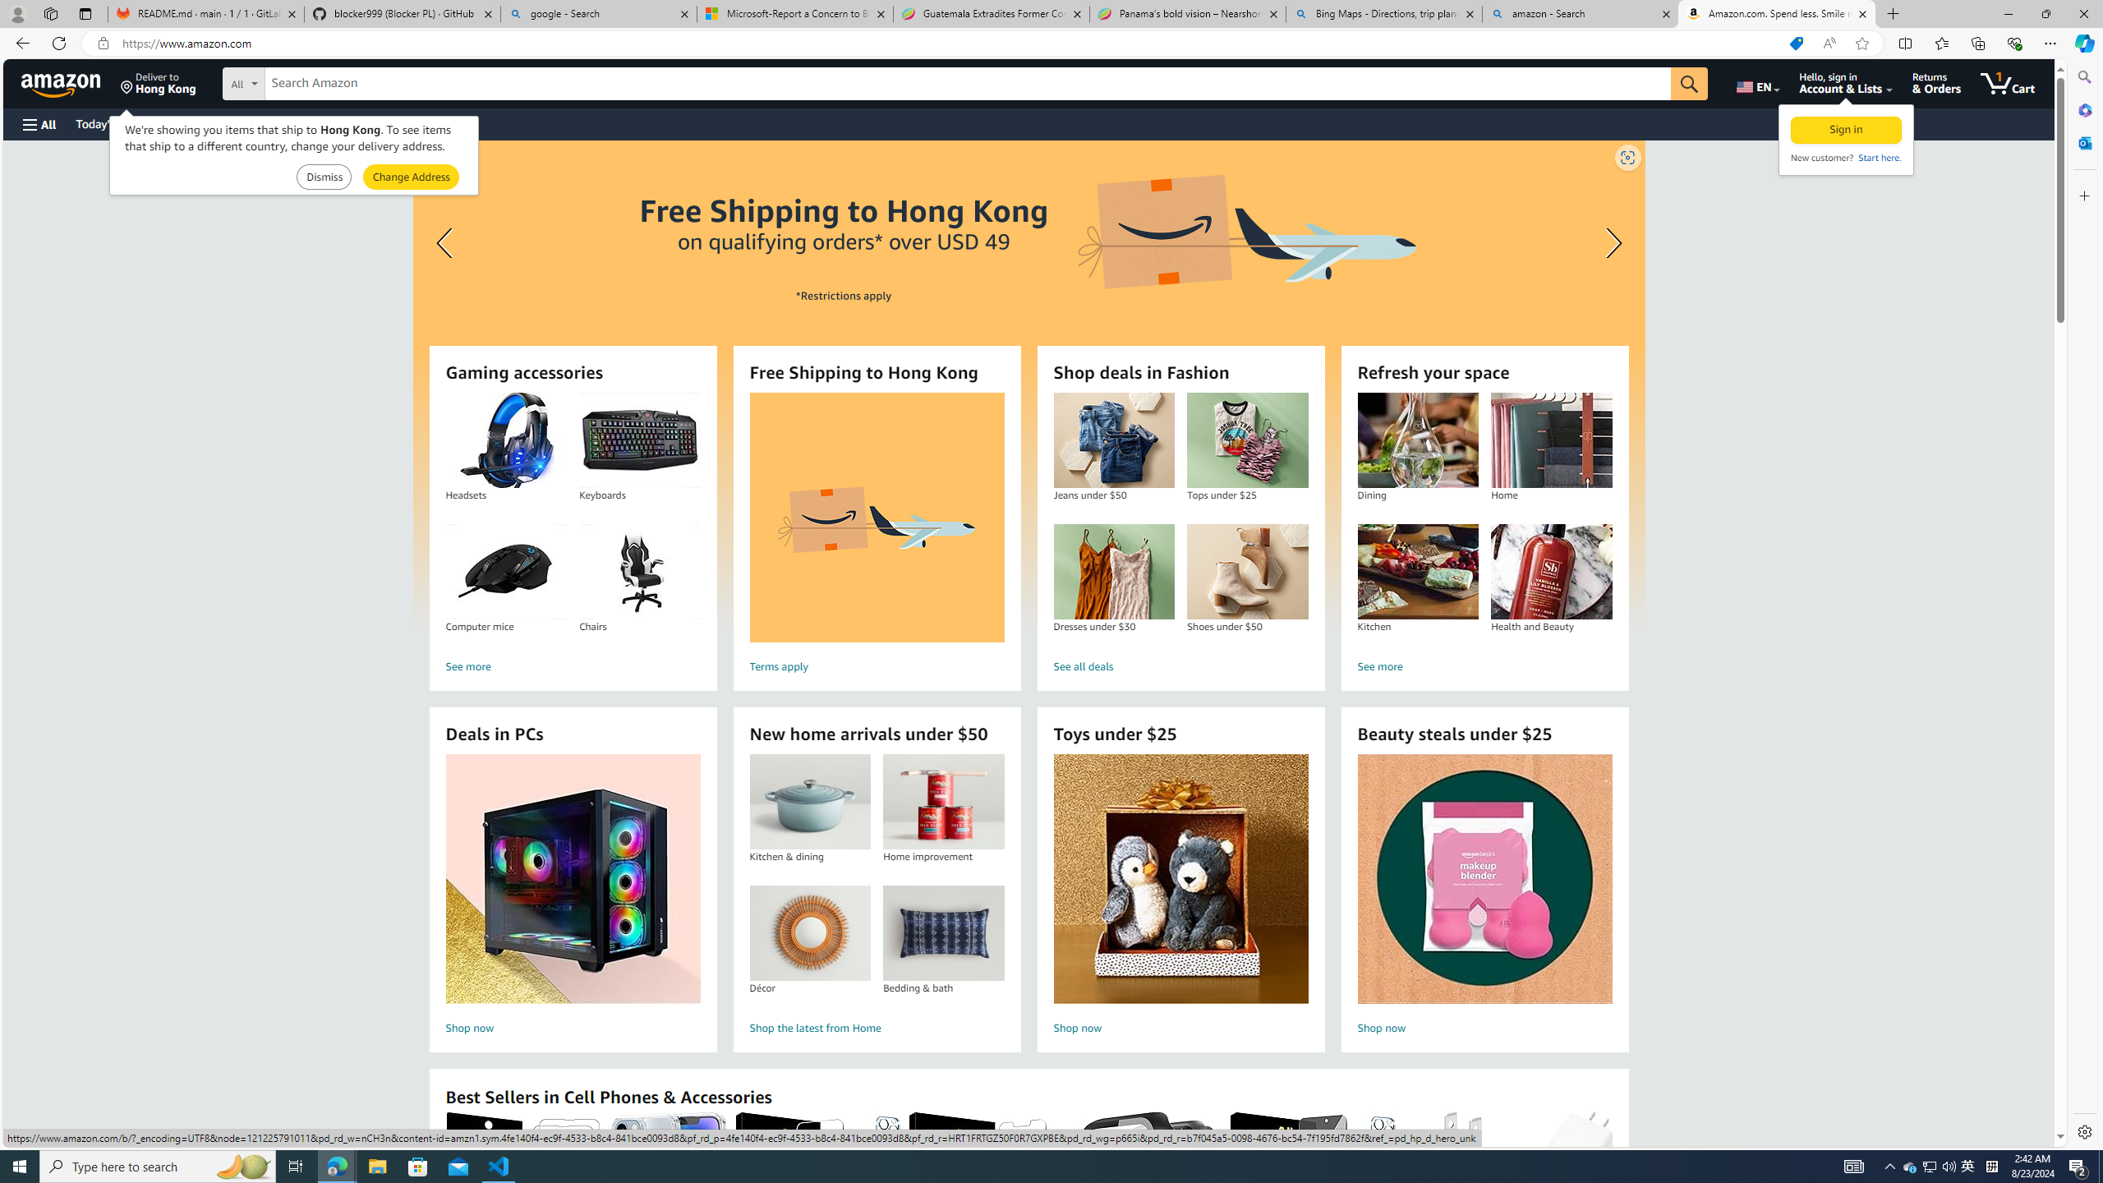 This screenshot has width=2103, height=1183. What do you see at coordinates (1417, 440) in the screenshot?
I see `'Dining'` at bounding box center [1417, 440].